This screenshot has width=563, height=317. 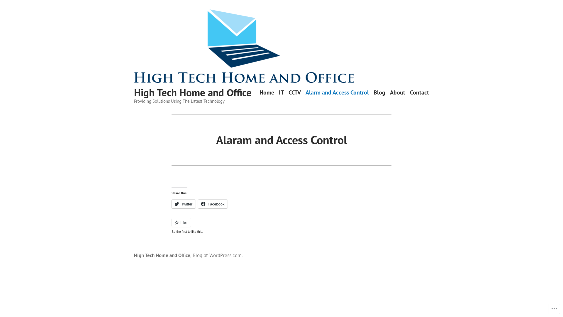 I want to click on 'Facebook', so click(x=212, y=203).